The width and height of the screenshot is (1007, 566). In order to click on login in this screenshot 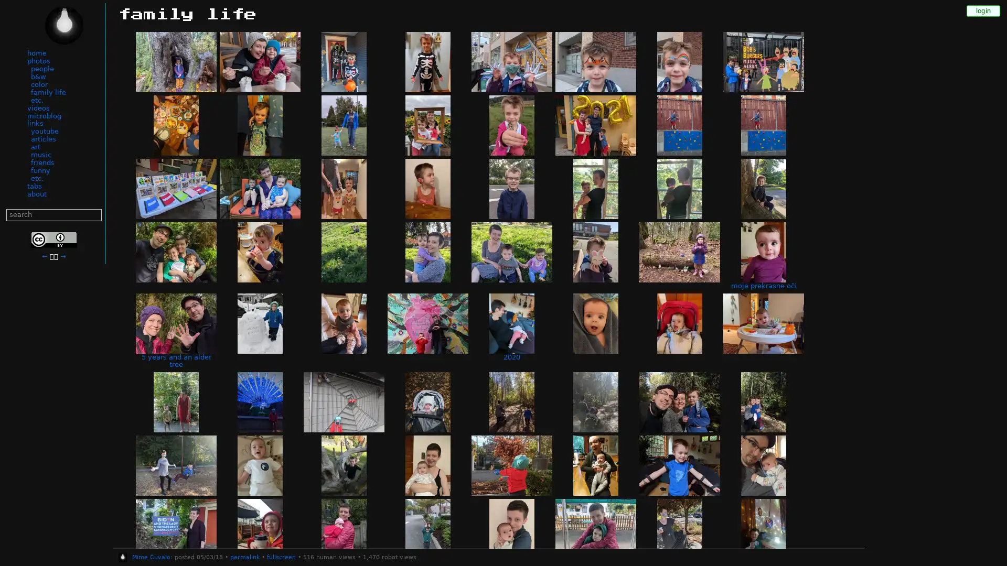, I will do `click(983, 10)`.